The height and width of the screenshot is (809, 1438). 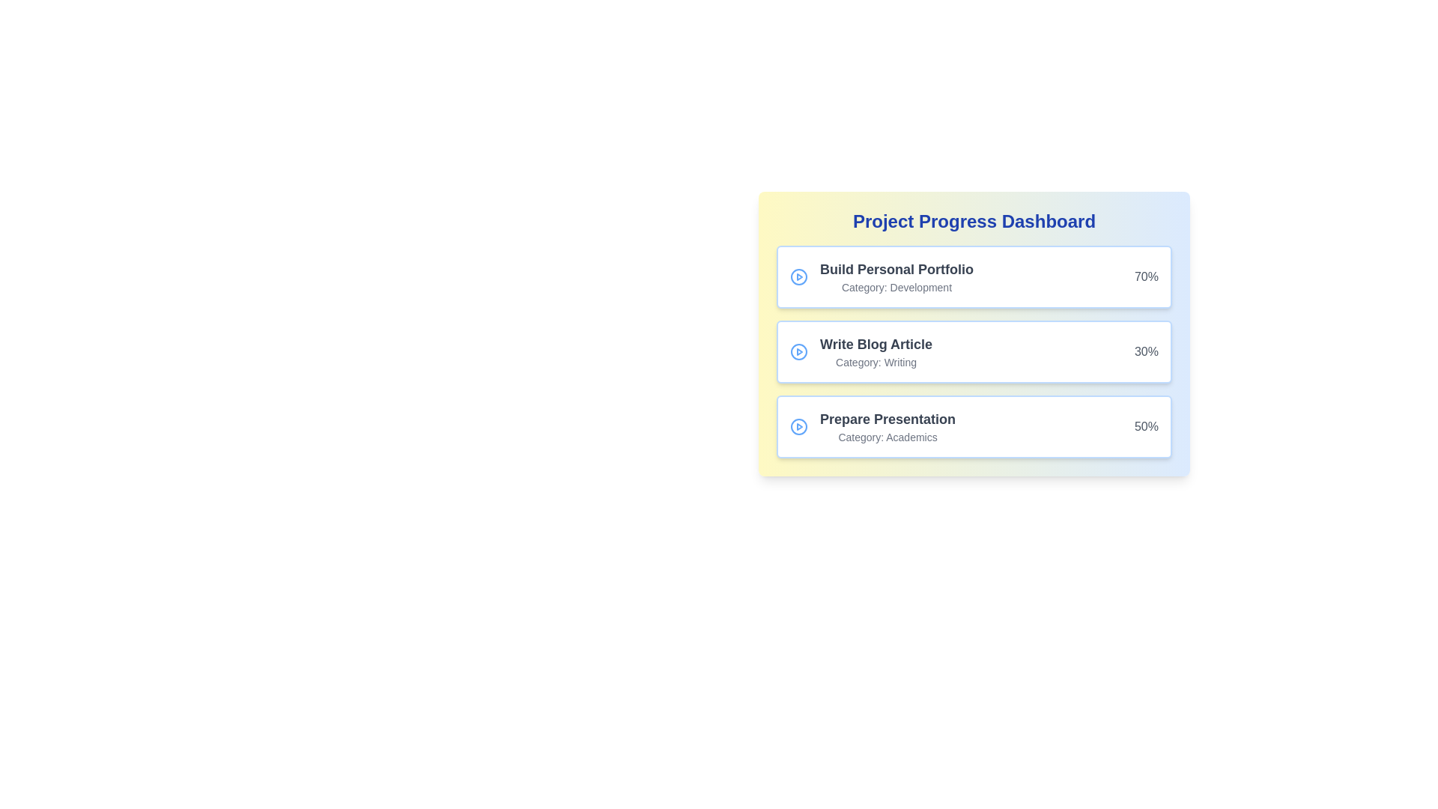 I want to click on task and category information displayed in the text element that shows 'Build Personal Portfolio' and 'Category: Development', located in the first card of a vertical list, so click(x=882, y=277).